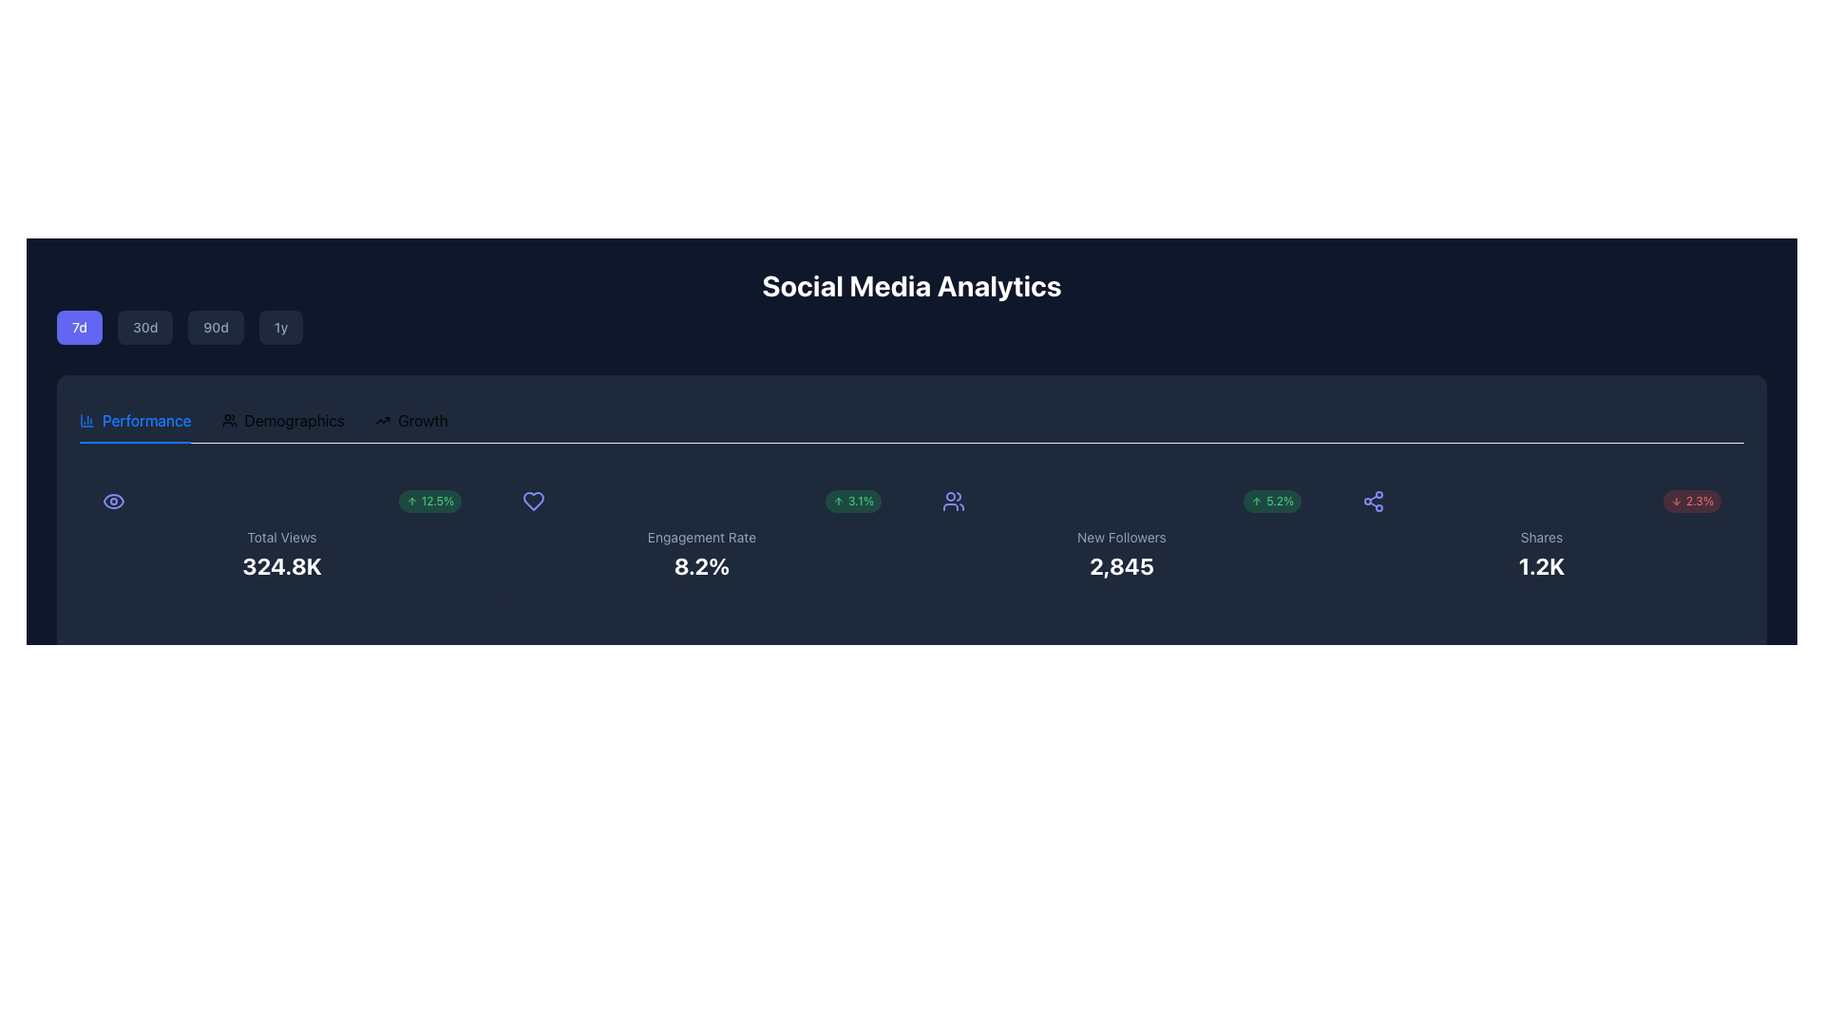 This screenshot has height=1026, width=1824. I want to click on the Text Label displaying 'Social Media Analytics' which is located at the top of the interface on a dark blue background, so click(912, 306).